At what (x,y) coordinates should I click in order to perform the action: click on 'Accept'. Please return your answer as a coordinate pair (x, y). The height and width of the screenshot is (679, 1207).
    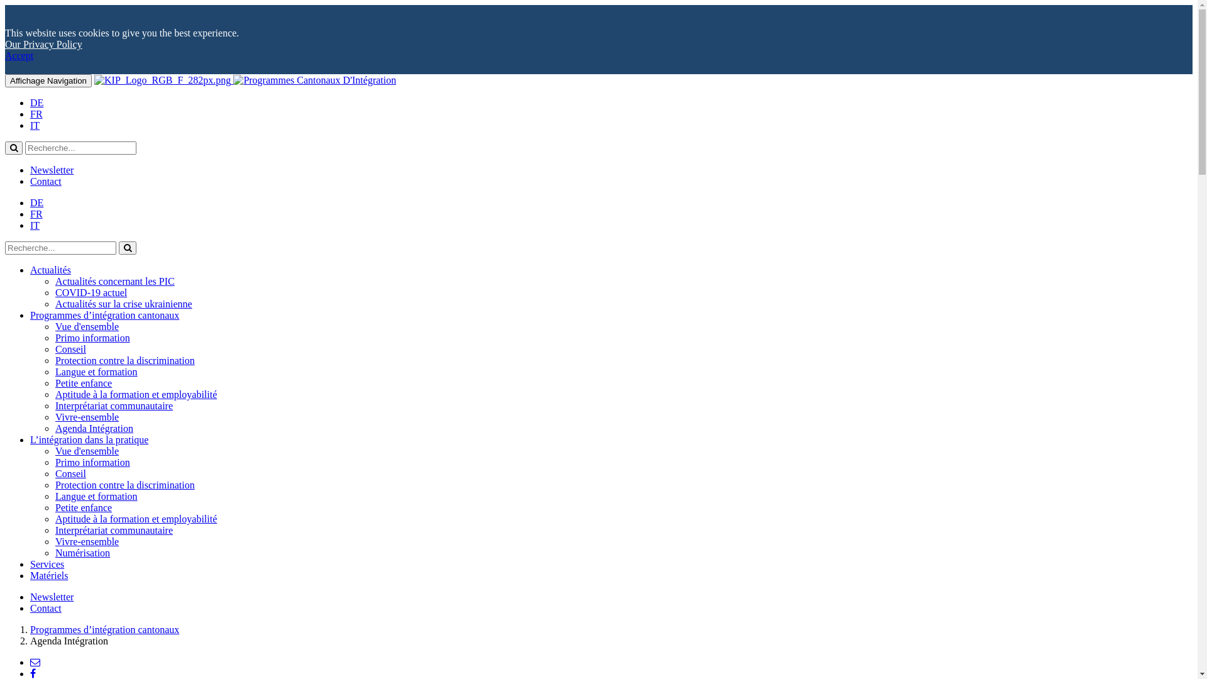
    Looking at the image, I should click on (19, 55).